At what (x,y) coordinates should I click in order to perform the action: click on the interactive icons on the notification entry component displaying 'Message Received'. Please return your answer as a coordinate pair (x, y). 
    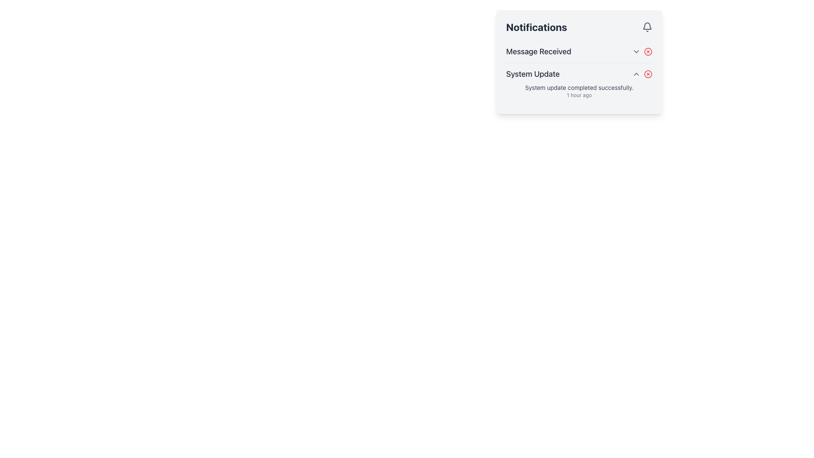
    Looking at the image, I should click on (579, 52).